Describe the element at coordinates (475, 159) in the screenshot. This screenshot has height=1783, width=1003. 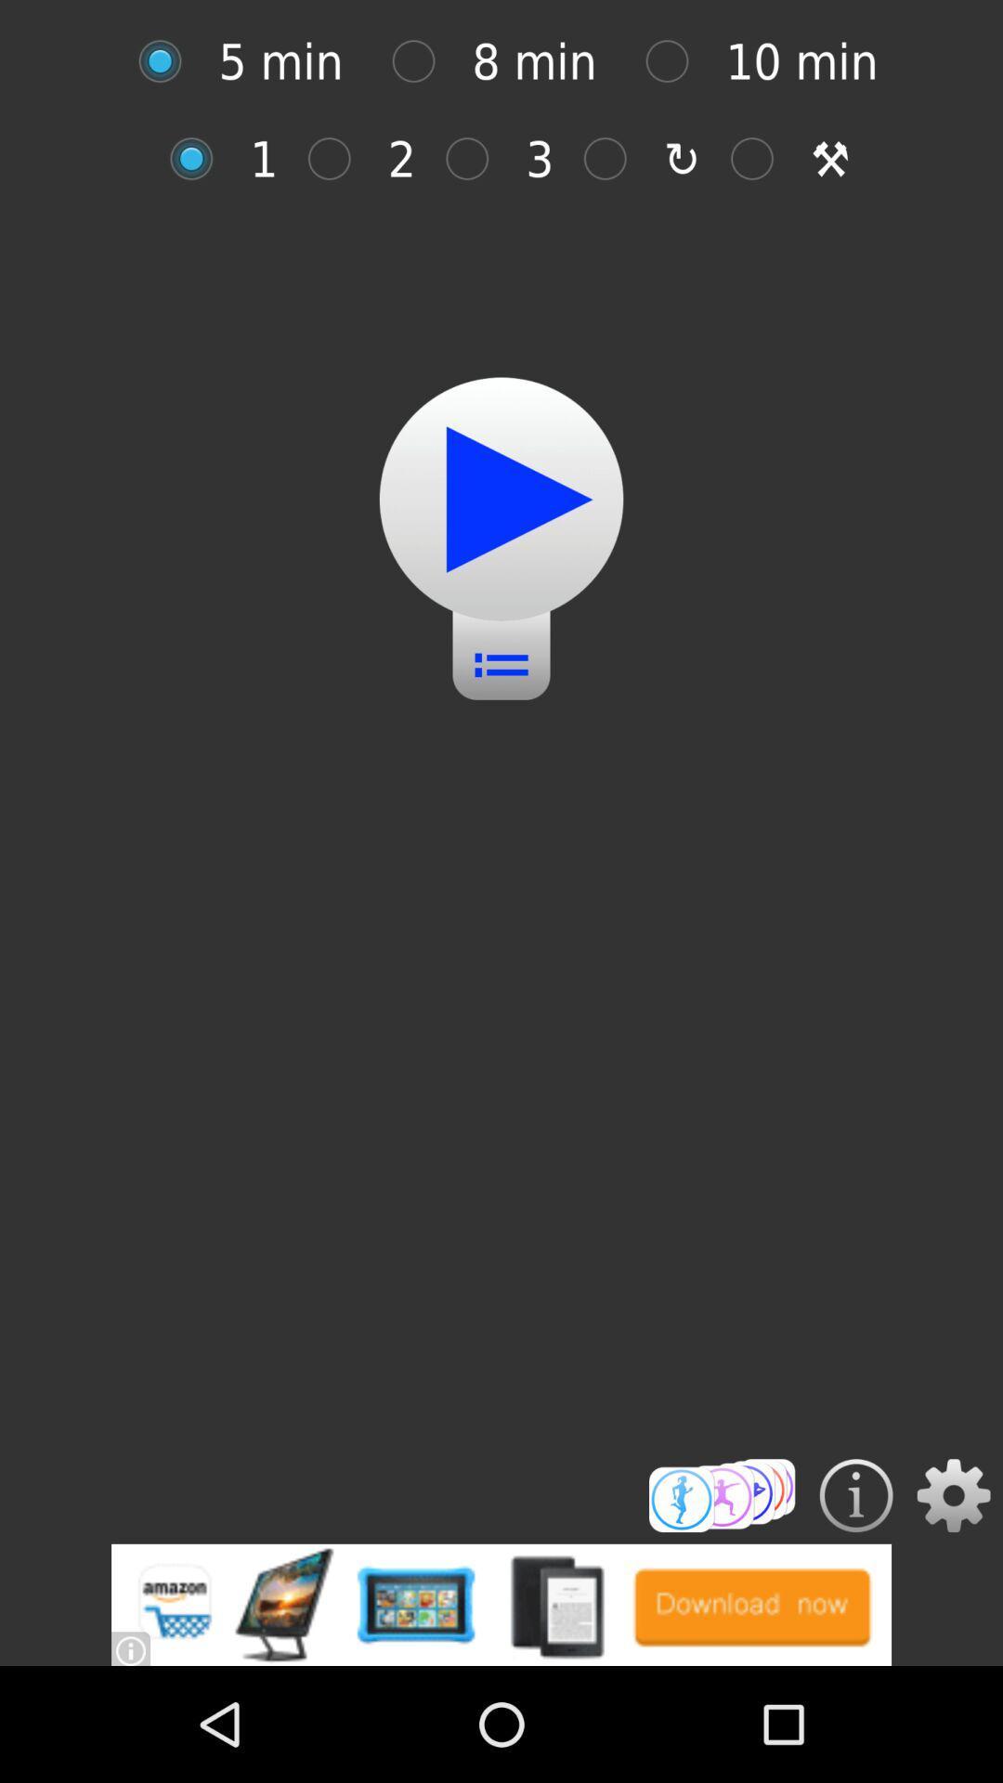
I see `radio button after 2` at that location.